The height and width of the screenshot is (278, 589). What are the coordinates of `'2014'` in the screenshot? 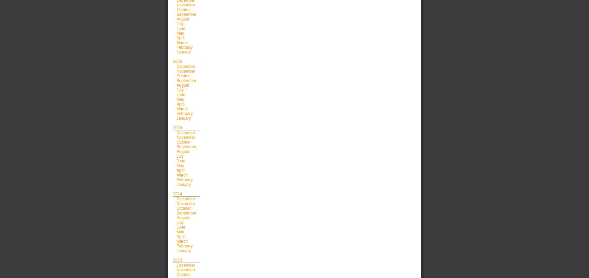 It's located at (177, 194).